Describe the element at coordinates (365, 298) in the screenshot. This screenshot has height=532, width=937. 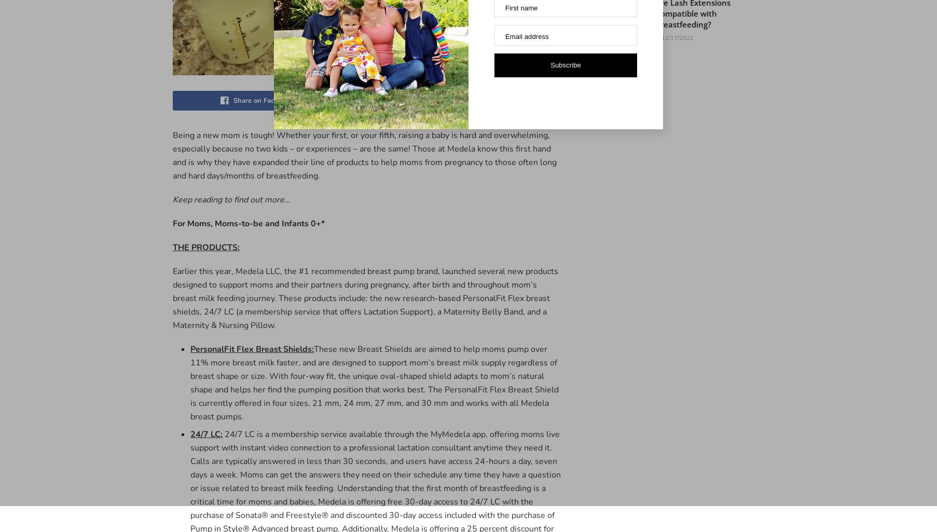
I see `'Earlier this year, Medela LLC, the #1 recommended breast pump brand, launched several new products designed to support moms and their partners during pregnancy, after birth and throughout mom’s breast milk feeding journey. These products include: the new research-based PersonalFit Flex breast shields, 24/7 LC (a membership service that offers Lactation Support), a Maternity Belly Band, and a Maternity & Nursing Pillow.'` at that location.